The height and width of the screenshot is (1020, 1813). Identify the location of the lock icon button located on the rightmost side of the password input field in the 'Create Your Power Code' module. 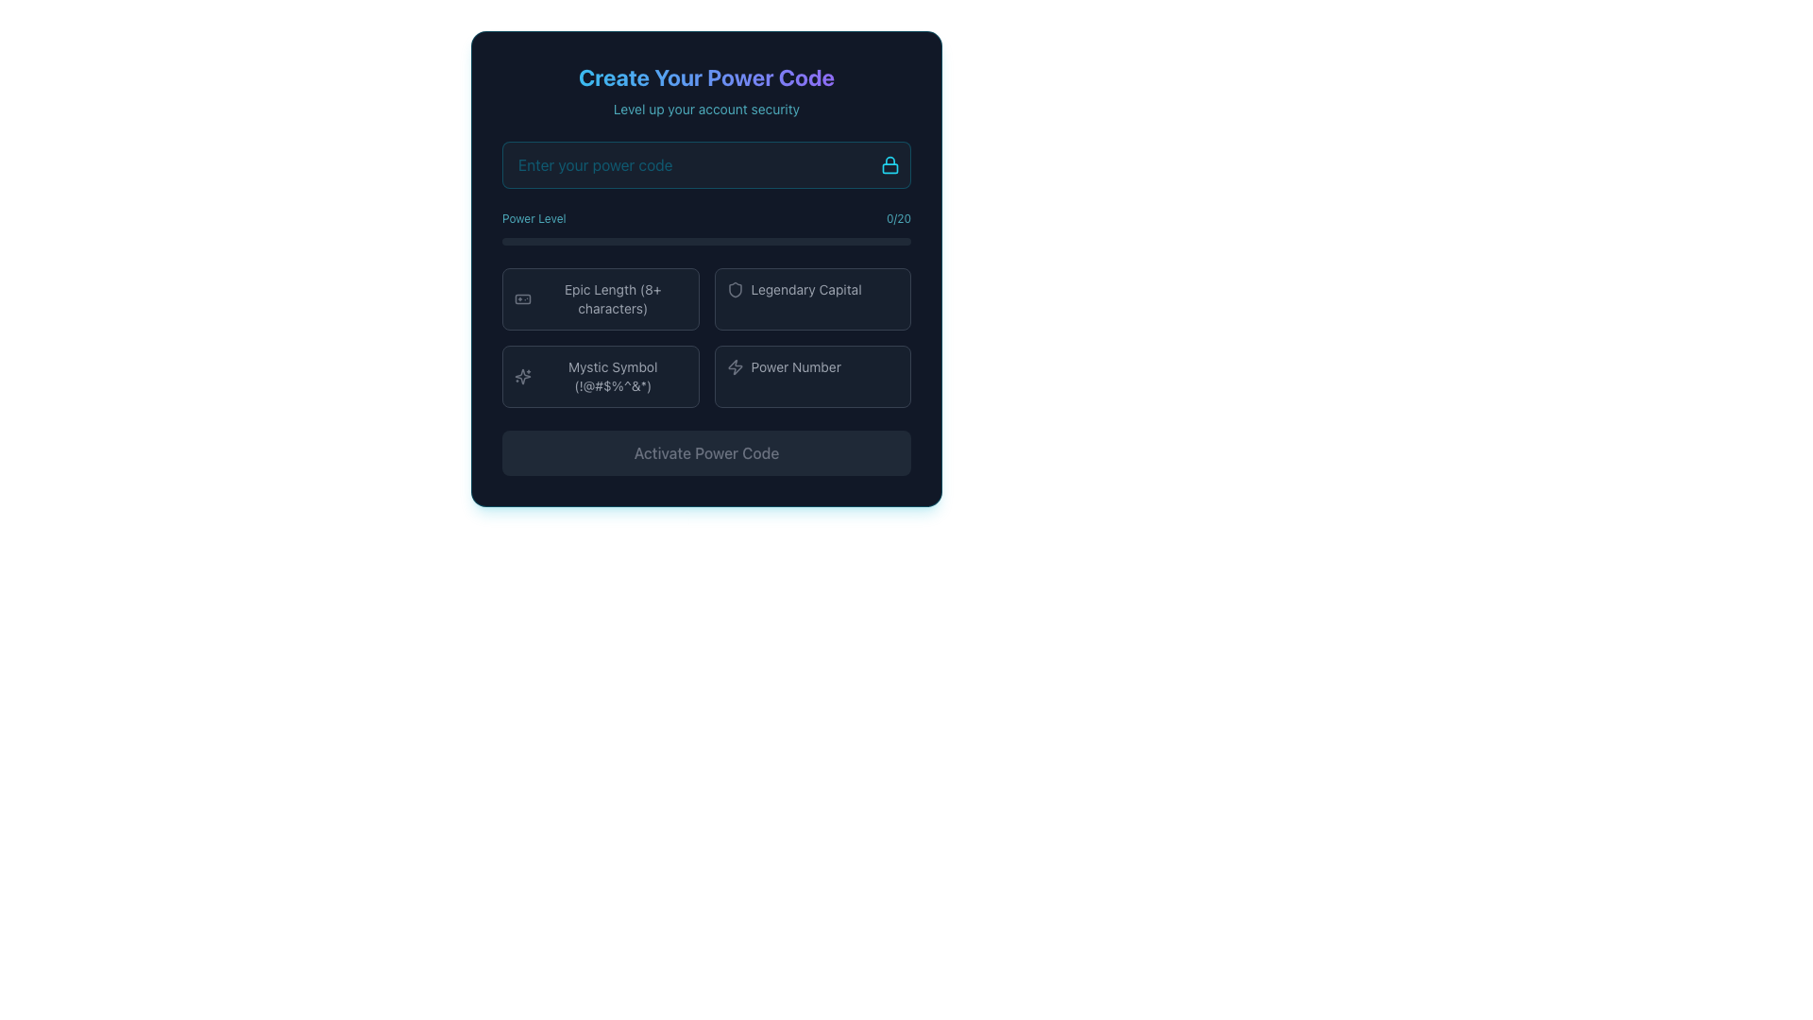
(889, 163).